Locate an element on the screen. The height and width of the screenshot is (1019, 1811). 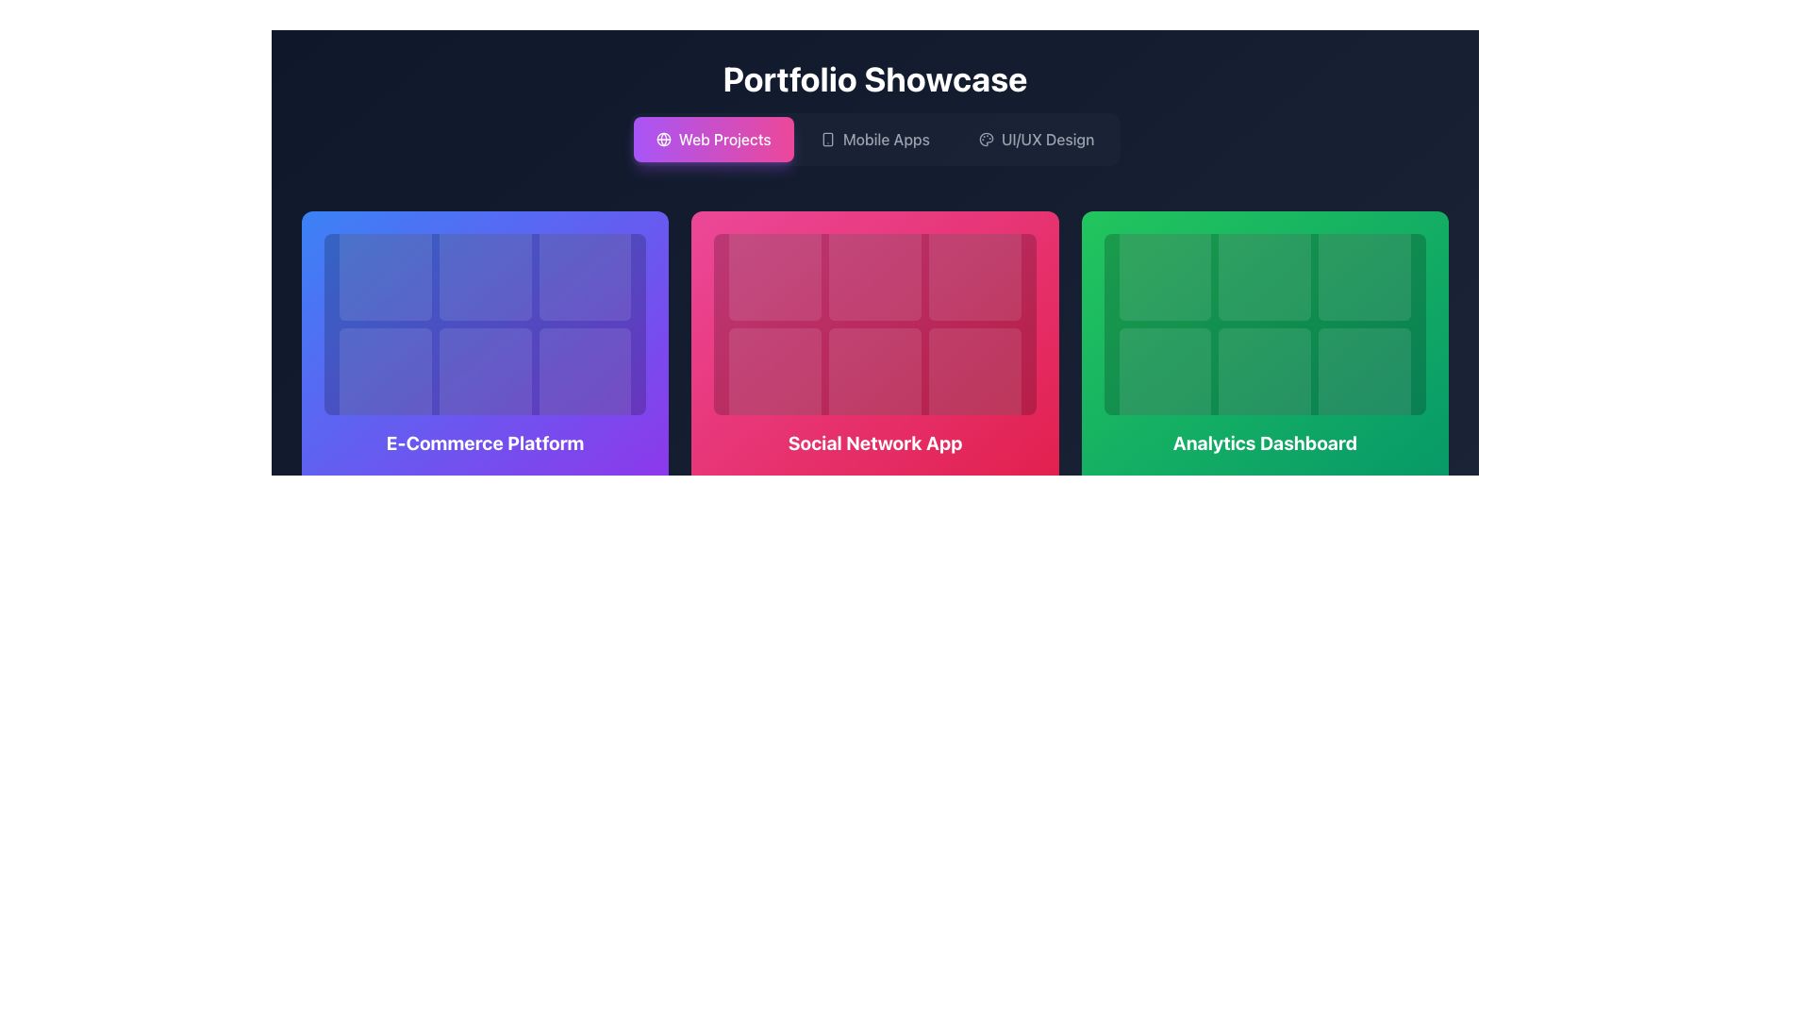
the title text of the green card labeled 'Analytics Dashboard', which is located at the bottom of the card is located at coordinates (1265, 443).